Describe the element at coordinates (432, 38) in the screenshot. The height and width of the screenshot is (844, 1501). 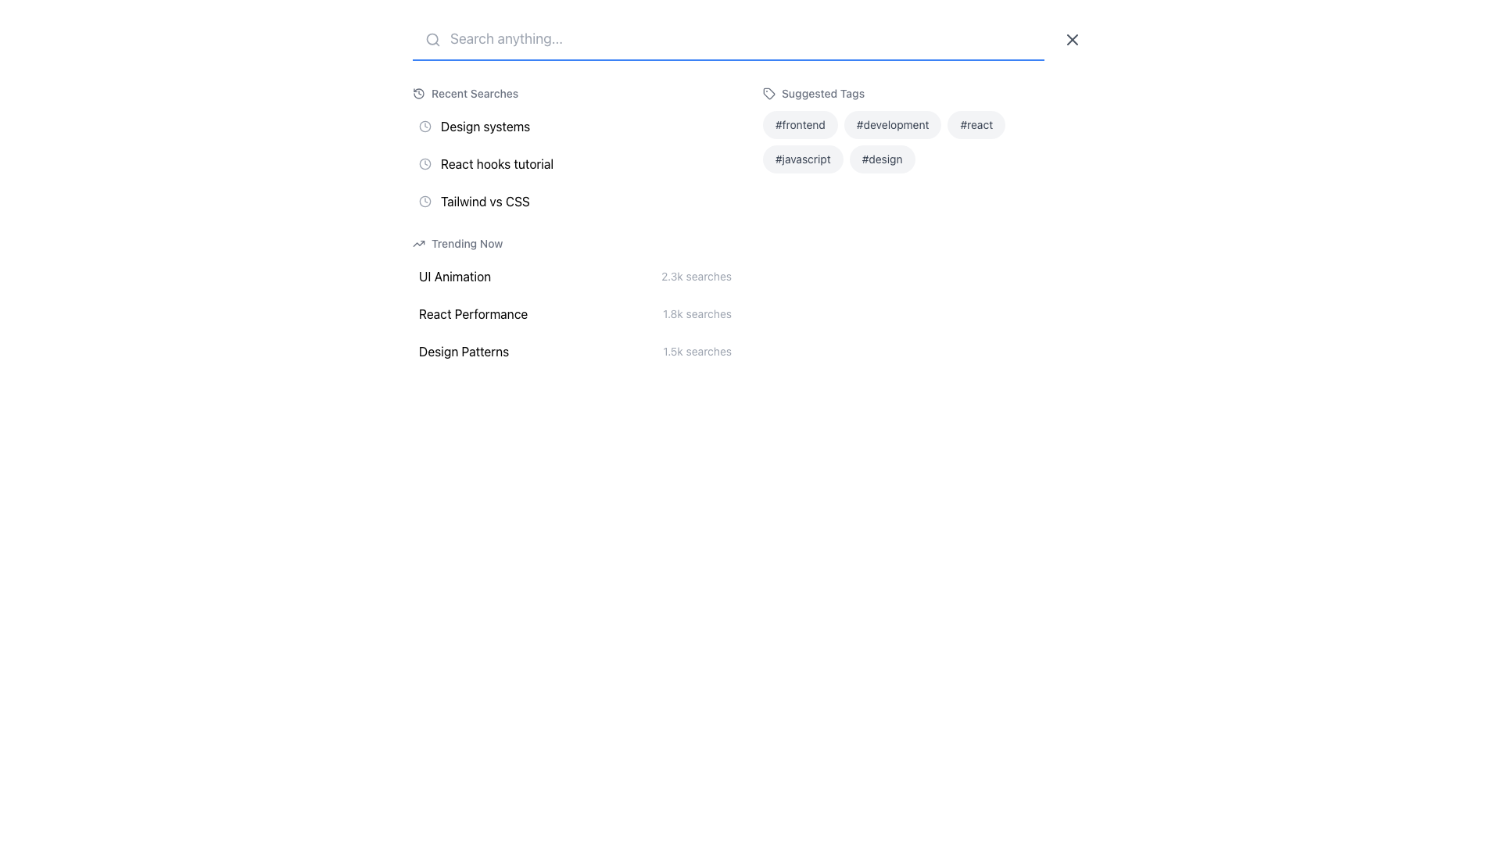
I see `the central circle of the search icon, which represents the center of a magnifying glass` at that location.